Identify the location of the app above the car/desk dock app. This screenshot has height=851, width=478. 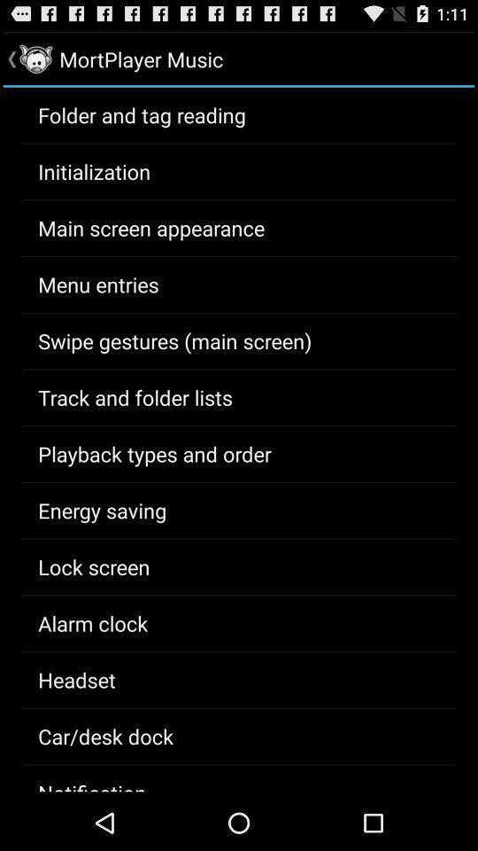
(75, 679).